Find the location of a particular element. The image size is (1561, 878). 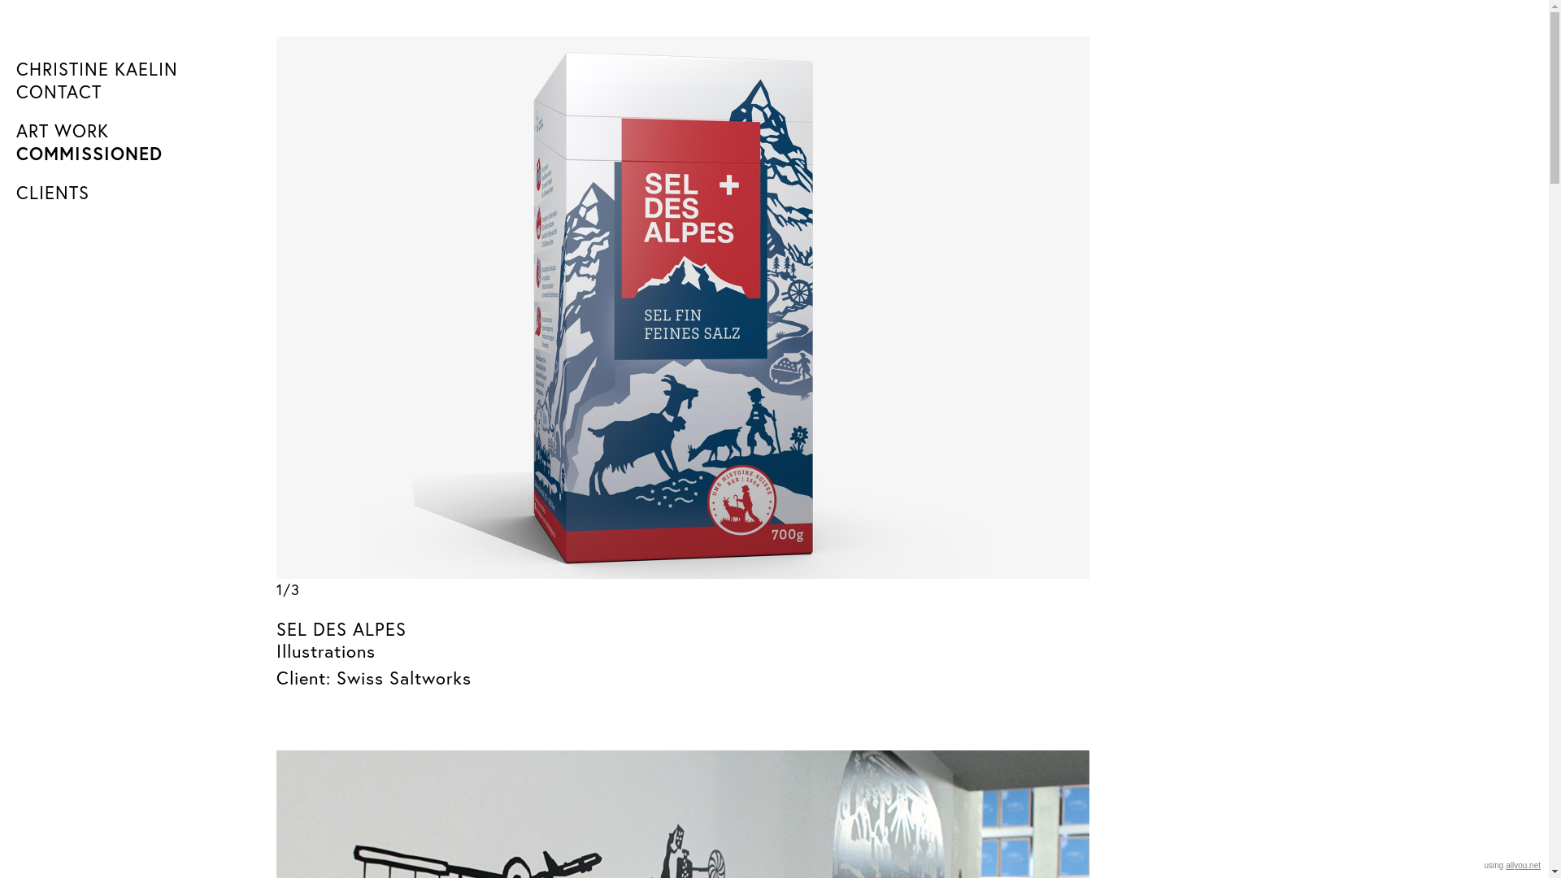

'CHRISTINE KAELIN' is located at coordinates (137, 67).